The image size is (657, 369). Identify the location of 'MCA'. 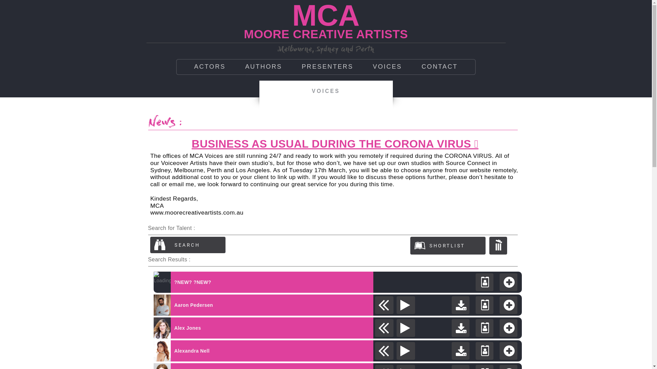
(325, 15).